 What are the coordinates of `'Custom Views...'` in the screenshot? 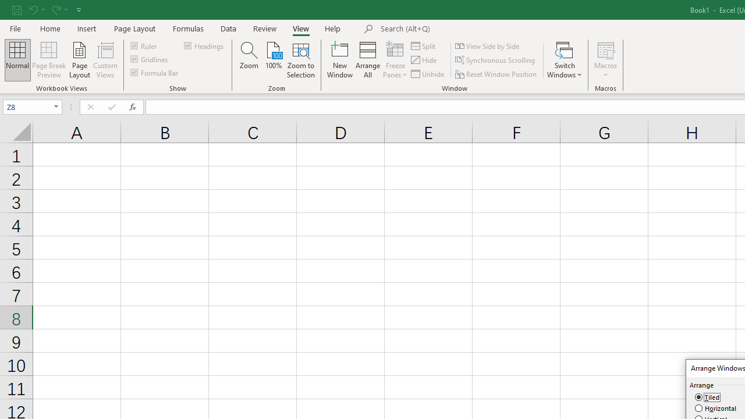 It's located at (105, 60).